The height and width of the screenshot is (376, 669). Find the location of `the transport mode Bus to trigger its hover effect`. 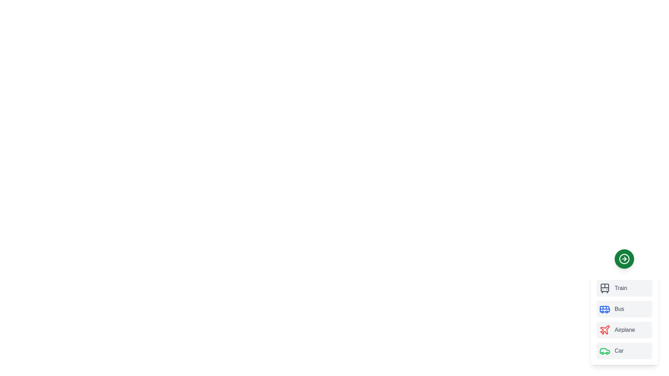

the transport mode Bus to trigger its hover effect is located at coordinates (624, 308).